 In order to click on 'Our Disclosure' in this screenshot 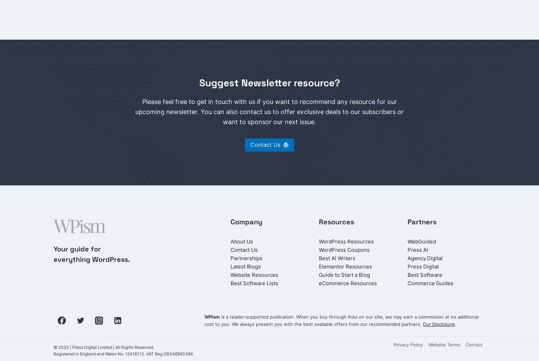, I will do `click(439, 323)`.